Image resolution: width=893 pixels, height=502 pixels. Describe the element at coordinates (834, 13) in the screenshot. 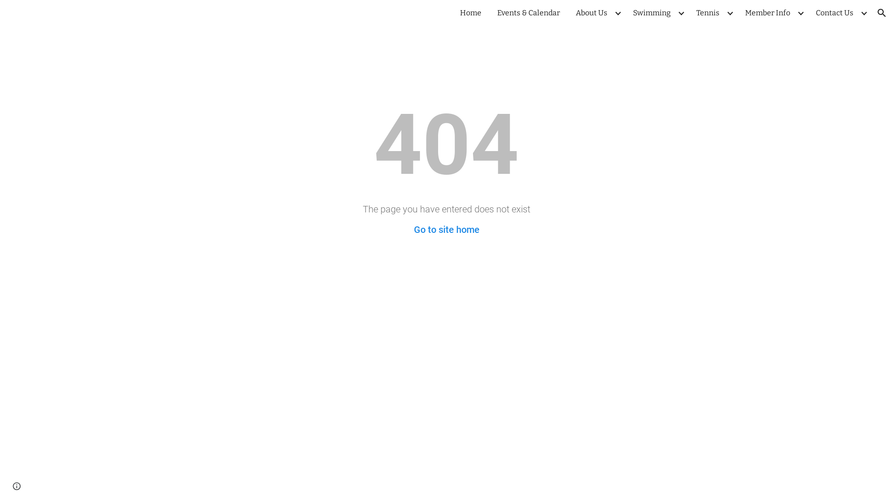

I see `'Contact Us'` at that location.